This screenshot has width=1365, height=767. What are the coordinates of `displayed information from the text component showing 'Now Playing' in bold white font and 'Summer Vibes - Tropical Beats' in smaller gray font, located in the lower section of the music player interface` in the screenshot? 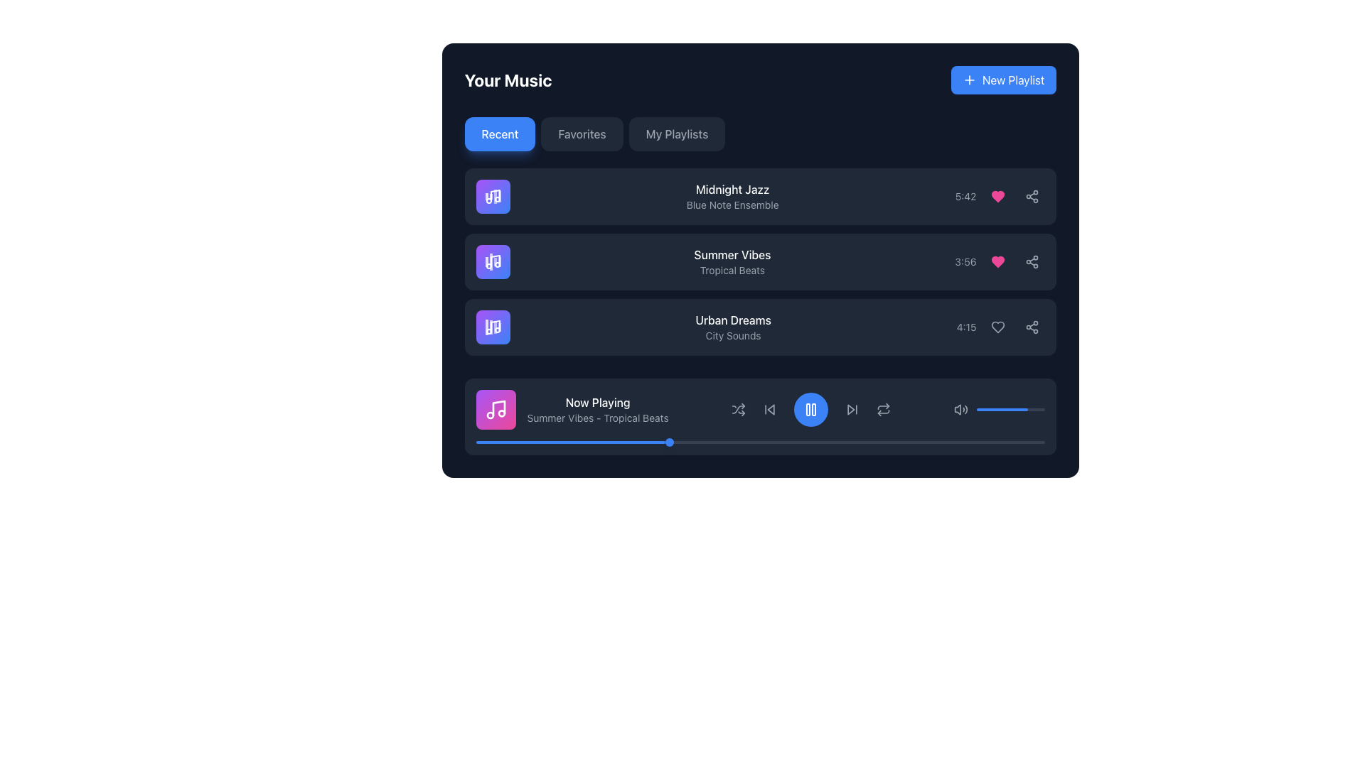 It's located at (598, 410).